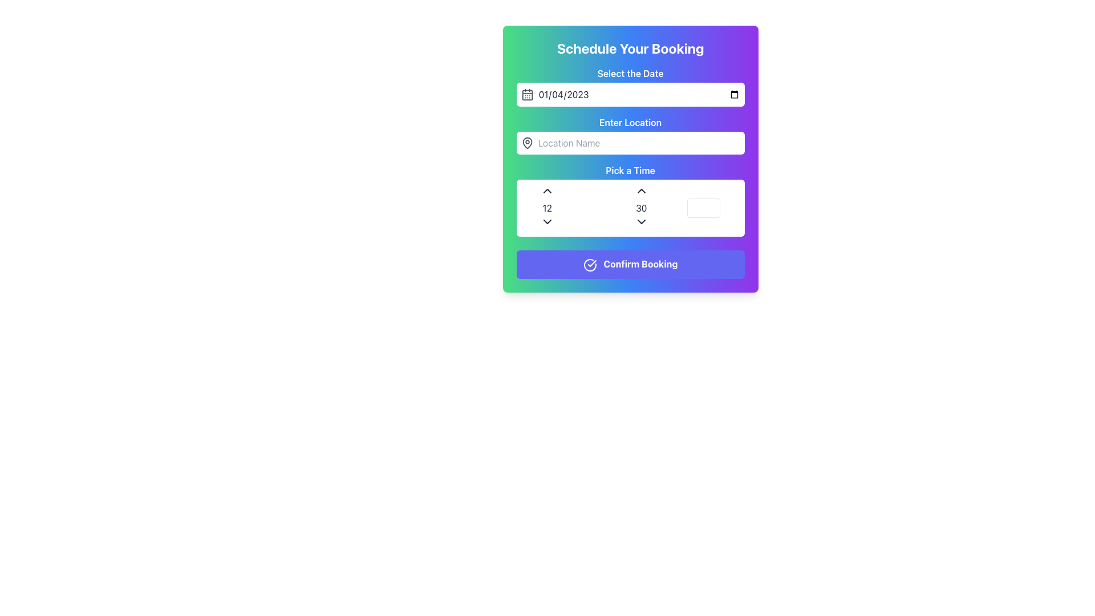 The image size is (1095, 616). What do you see at coordinates (641, 222) in the screenshot?
I see `the second downward chevron icon in the time-picker interface under 'Pick a Time'` at bounding box center [641, 222].